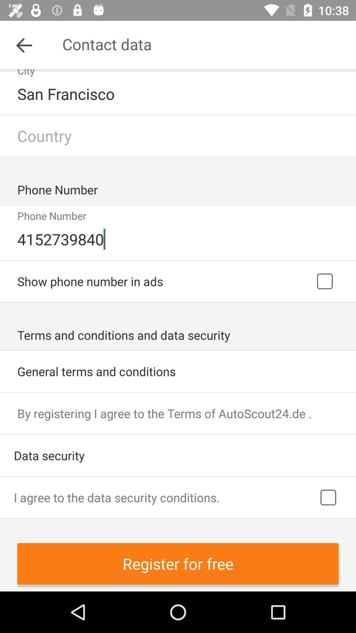 The width and height of the screenshot is (356, 633). Describe the element at coordinates (179, 93) in the screenshot. I see `the san francisco icon` at that location.